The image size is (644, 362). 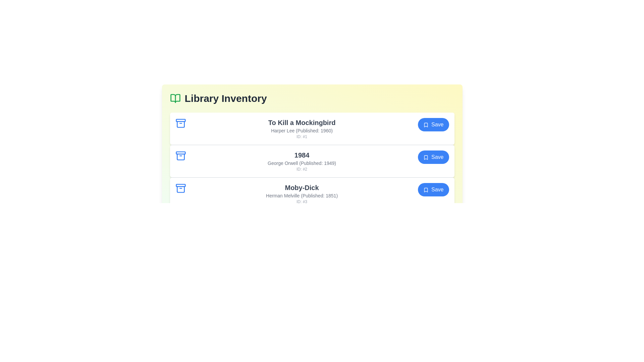 What do you see at coordinates (180, 156) in the screenshot?
I see `the 'Archive' icon next to the book titled 1984` at bounding box center [180, 156].